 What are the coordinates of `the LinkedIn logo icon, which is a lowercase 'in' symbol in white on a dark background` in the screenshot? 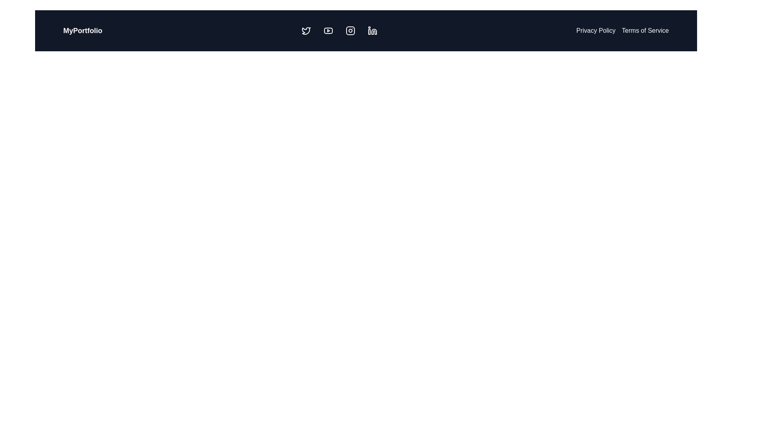 It's located at (372, 30).